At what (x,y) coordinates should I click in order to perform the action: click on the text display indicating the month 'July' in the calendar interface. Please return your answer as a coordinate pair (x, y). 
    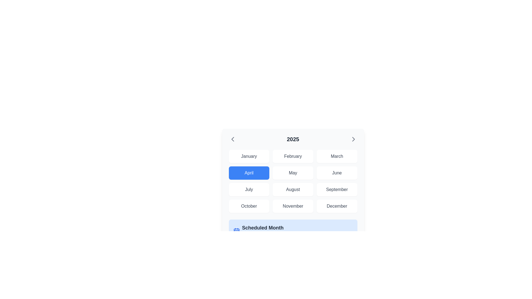
    Looking at the image, I should click on (249, 189).